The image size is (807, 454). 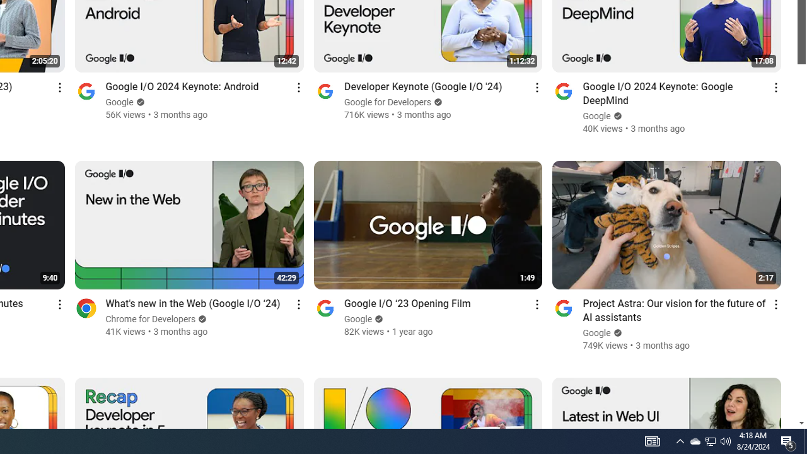 What do you see at coordinates (775, 304) in the screenshot?
I see `'Action menu'` at bounding box center [775, 304].